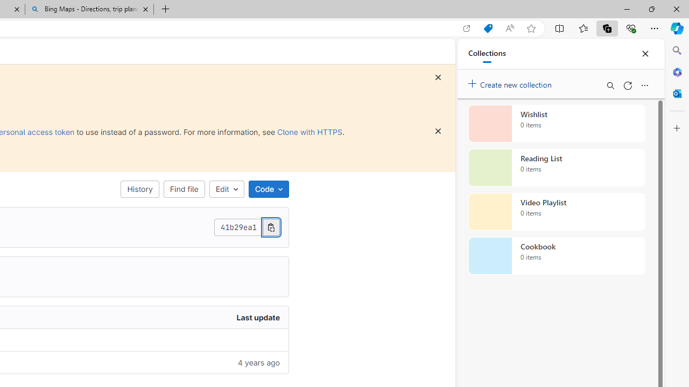 The image size is (689, 387). Describe the element at coordinates (438, 131) in the screenshot. I see `'Class: s16 gl-icon gl-button-icon '` at that location.